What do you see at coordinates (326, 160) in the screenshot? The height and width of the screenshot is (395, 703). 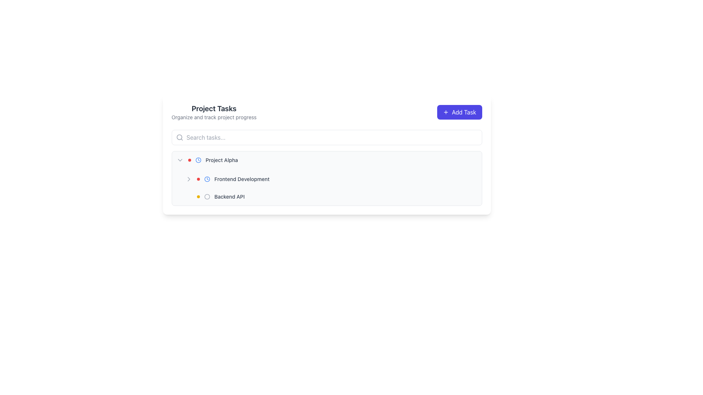 I see `the list item titled 'Project Alpha'` at bounding box center [326, 160].